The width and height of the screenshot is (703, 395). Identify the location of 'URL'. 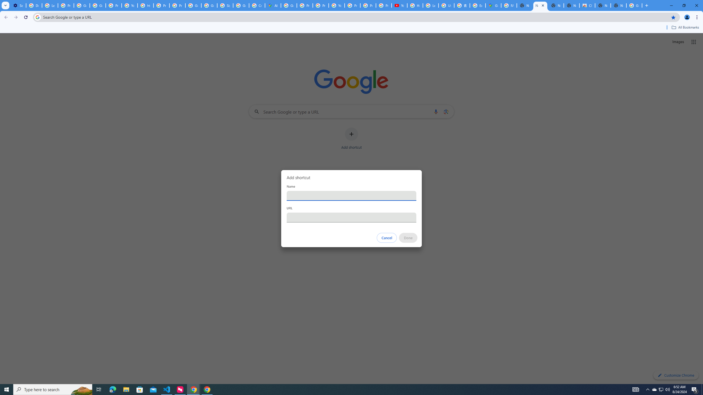
(351, 217).